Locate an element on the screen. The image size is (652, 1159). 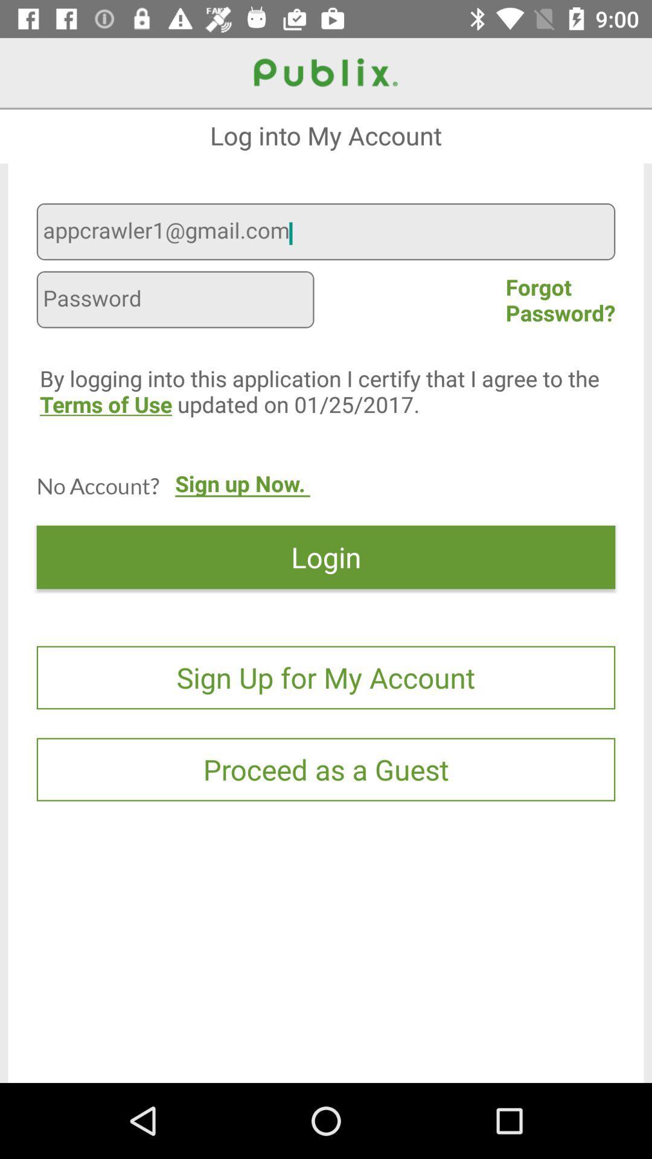
the forgot is located at coordinates (560, 299).